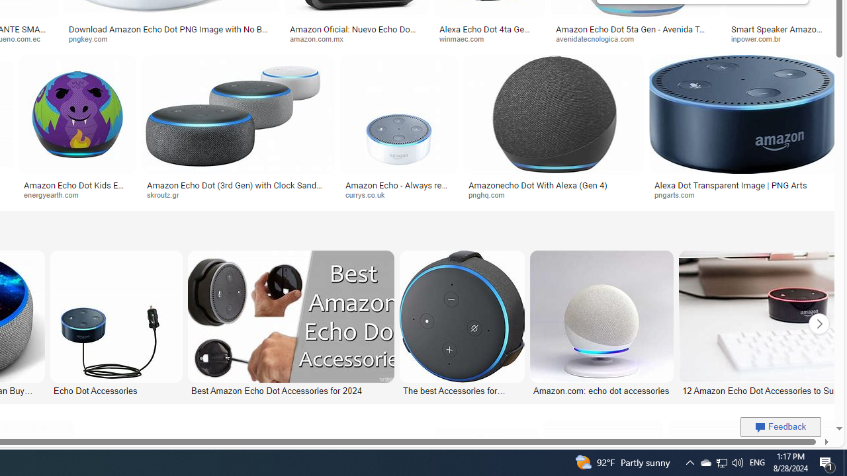 The image size is (847, 476). I want to click on 'pngarts.com', so click(743, 195).